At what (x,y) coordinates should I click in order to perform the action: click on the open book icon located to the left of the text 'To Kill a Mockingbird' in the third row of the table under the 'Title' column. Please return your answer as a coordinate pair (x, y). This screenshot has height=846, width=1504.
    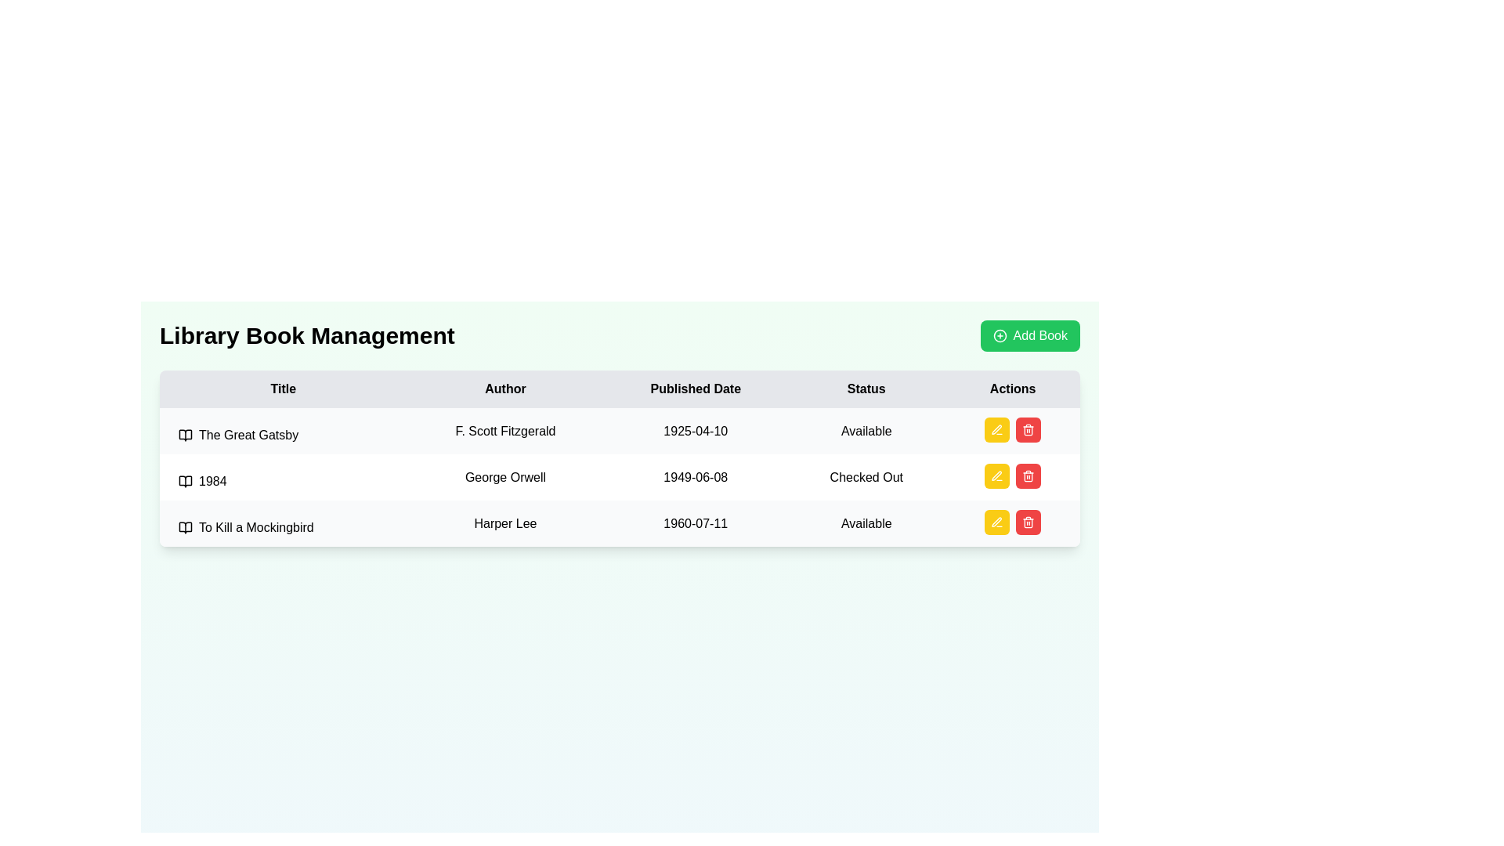
    Looking at the image, I should click on (185, 528).